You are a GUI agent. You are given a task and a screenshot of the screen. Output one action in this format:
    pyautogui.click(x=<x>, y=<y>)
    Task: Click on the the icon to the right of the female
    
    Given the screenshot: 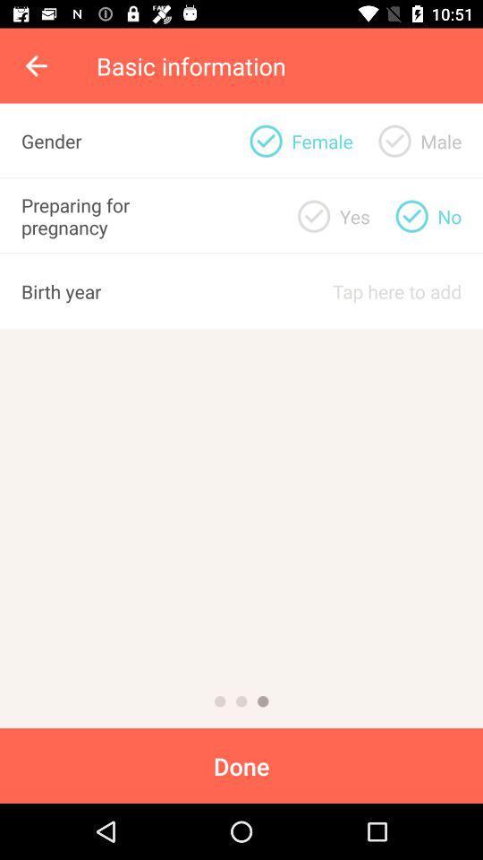 What is the action you would take?
    pyautogui.click(x=394, y=140)
    